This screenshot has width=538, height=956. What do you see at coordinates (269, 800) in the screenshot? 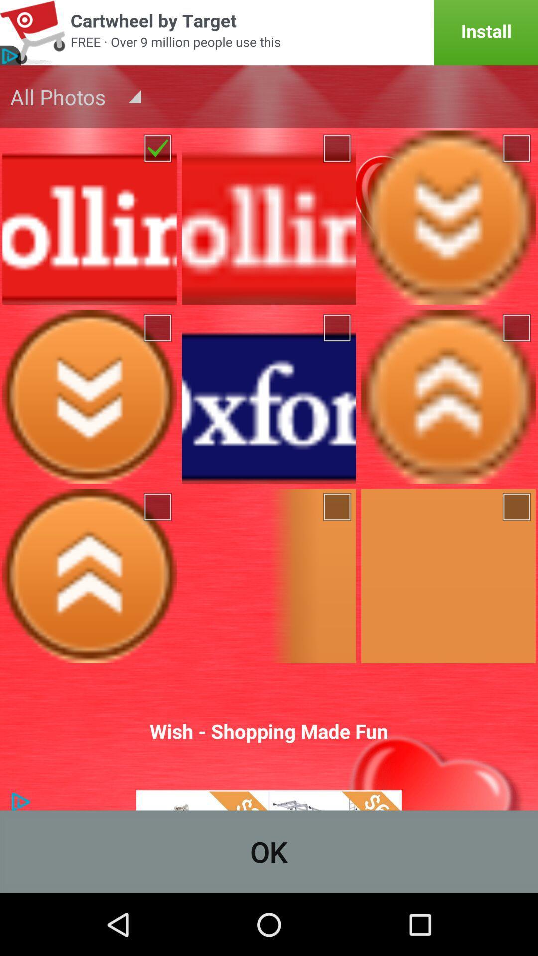
I see `sharp logo` at bounding box center [269, 800].